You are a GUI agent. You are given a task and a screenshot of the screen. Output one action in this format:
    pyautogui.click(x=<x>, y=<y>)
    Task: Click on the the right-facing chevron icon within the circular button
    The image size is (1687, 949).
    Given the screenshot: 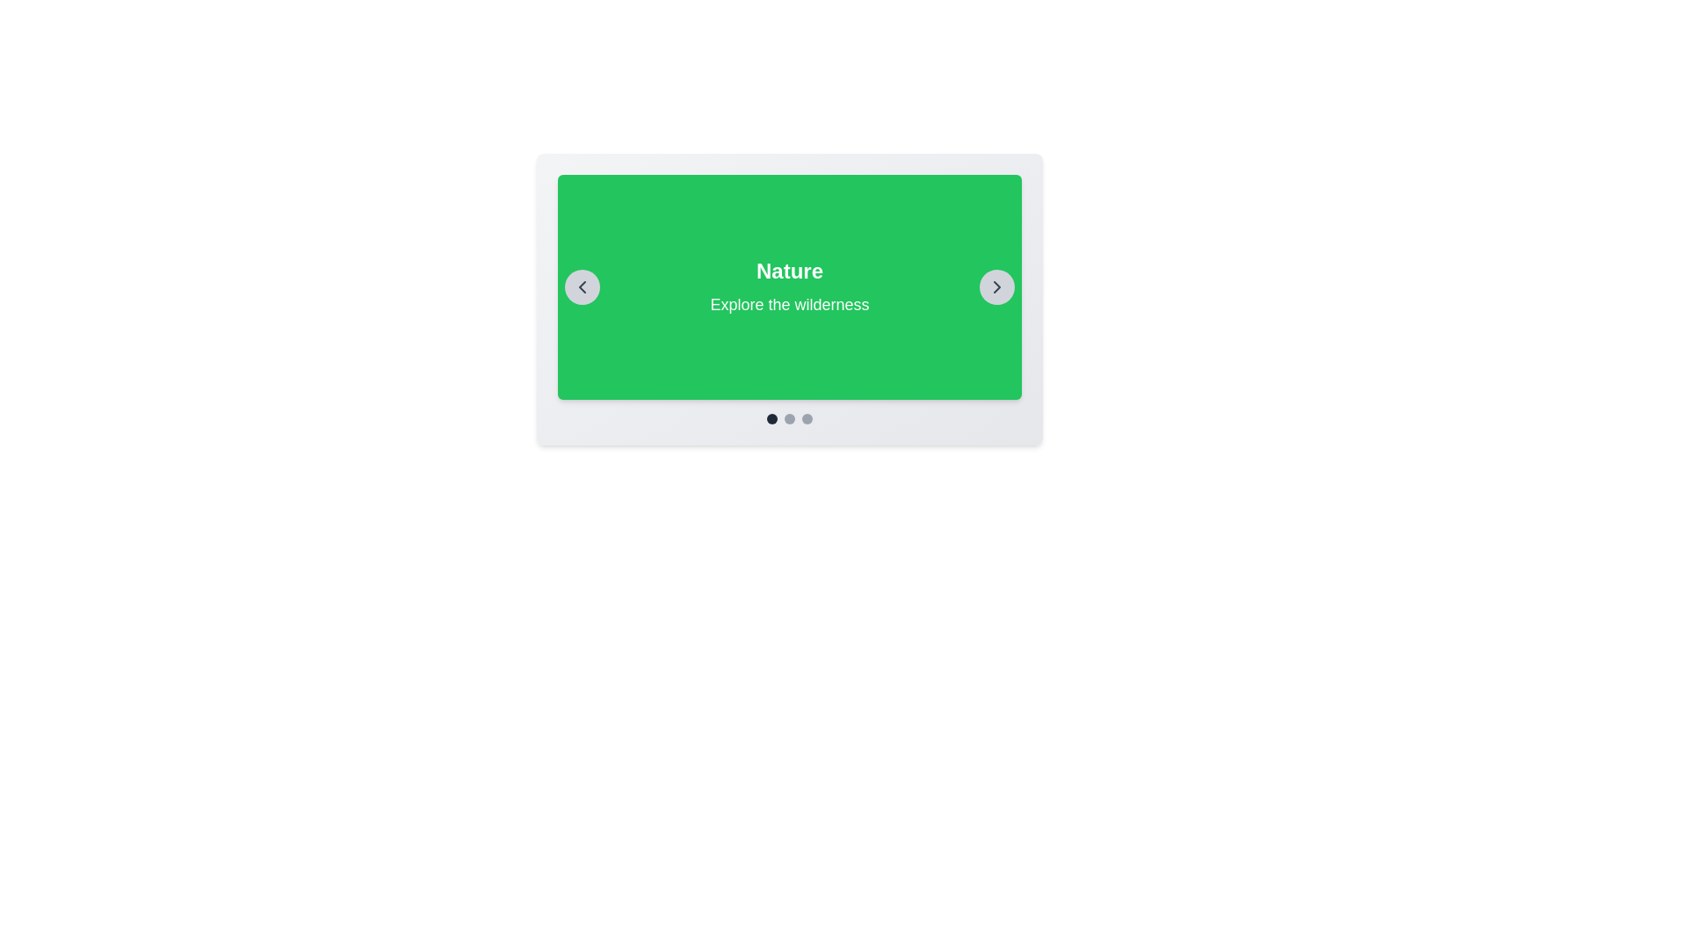 What is the action you would take?
    pyautogui.click(x=996, y=286)
    